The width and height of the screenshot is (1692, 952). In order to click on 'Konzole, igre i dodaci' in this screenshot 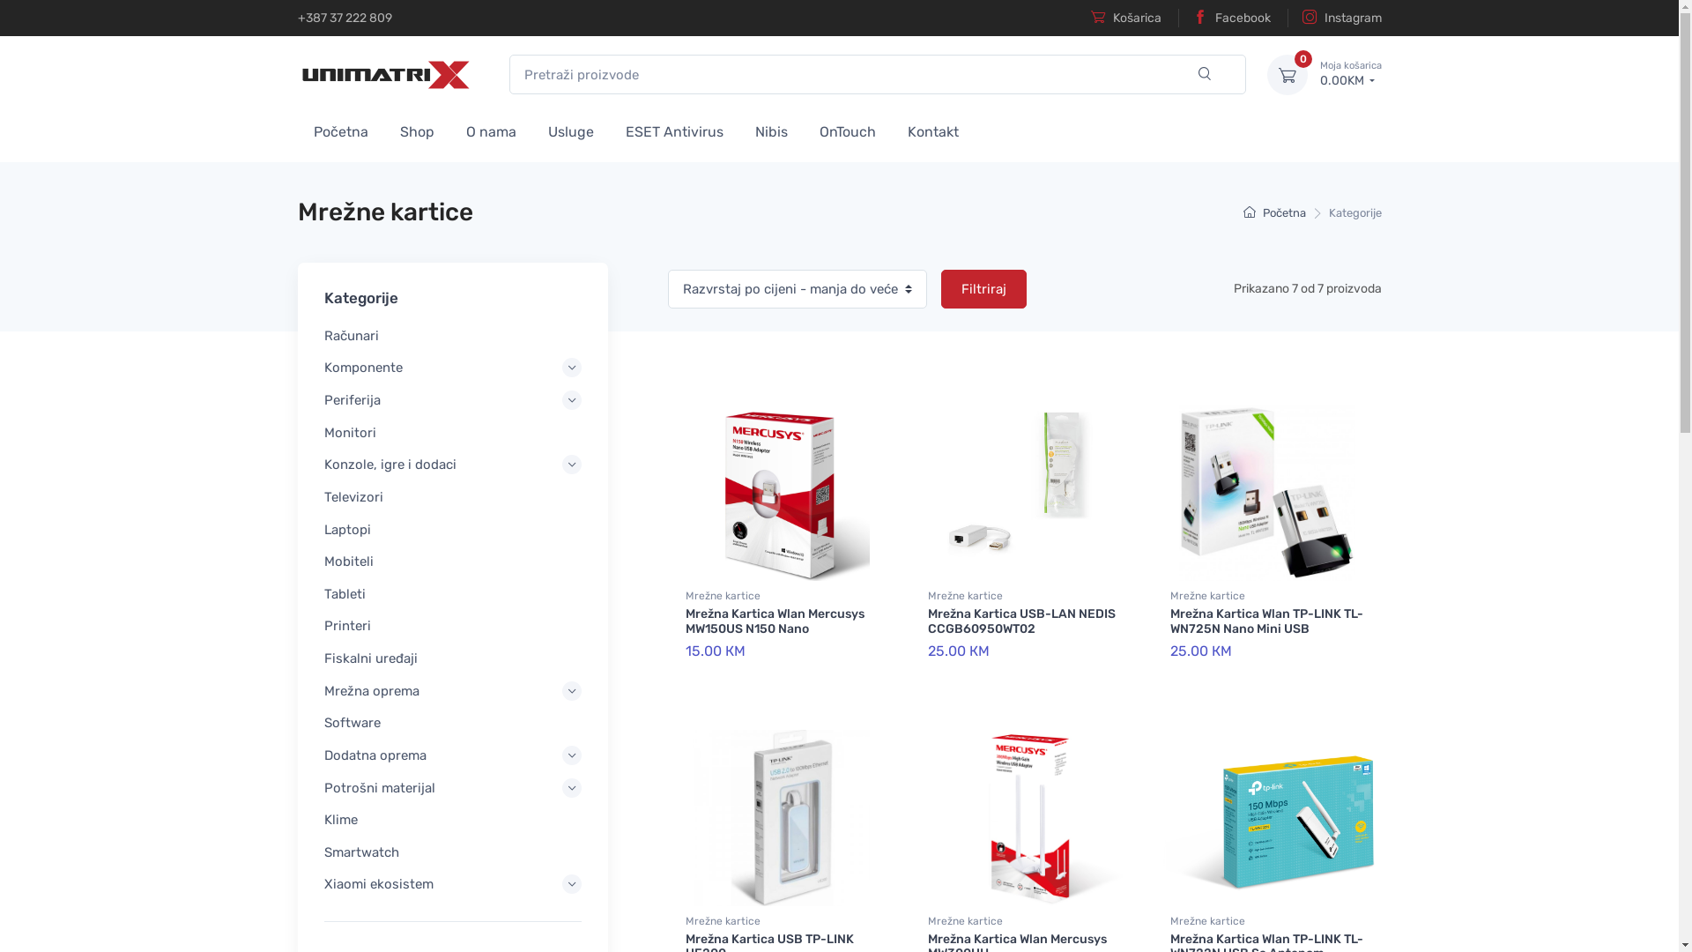, I will do `click(452, 464)`.